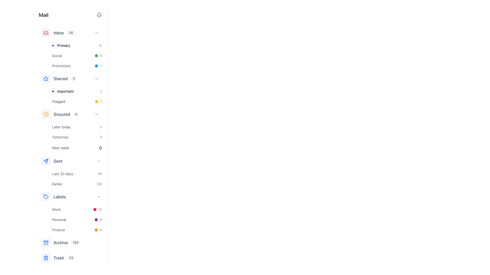 This screenshot has width=490, height=275. Describe the element at coordinates (77, 45) in the screenshot. I see `the 'Primary' button located in the left panel of the interface` at that location.